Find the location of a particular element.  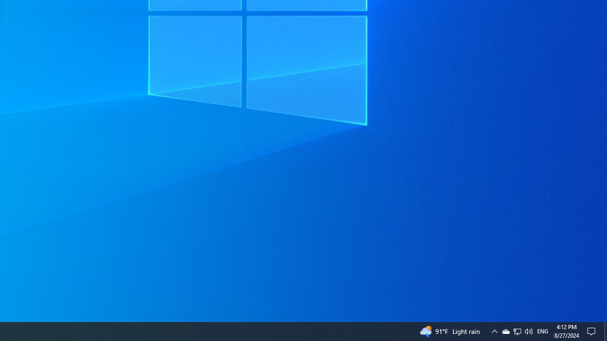

'Notification Chevron' is located at coordinates (517, 331).